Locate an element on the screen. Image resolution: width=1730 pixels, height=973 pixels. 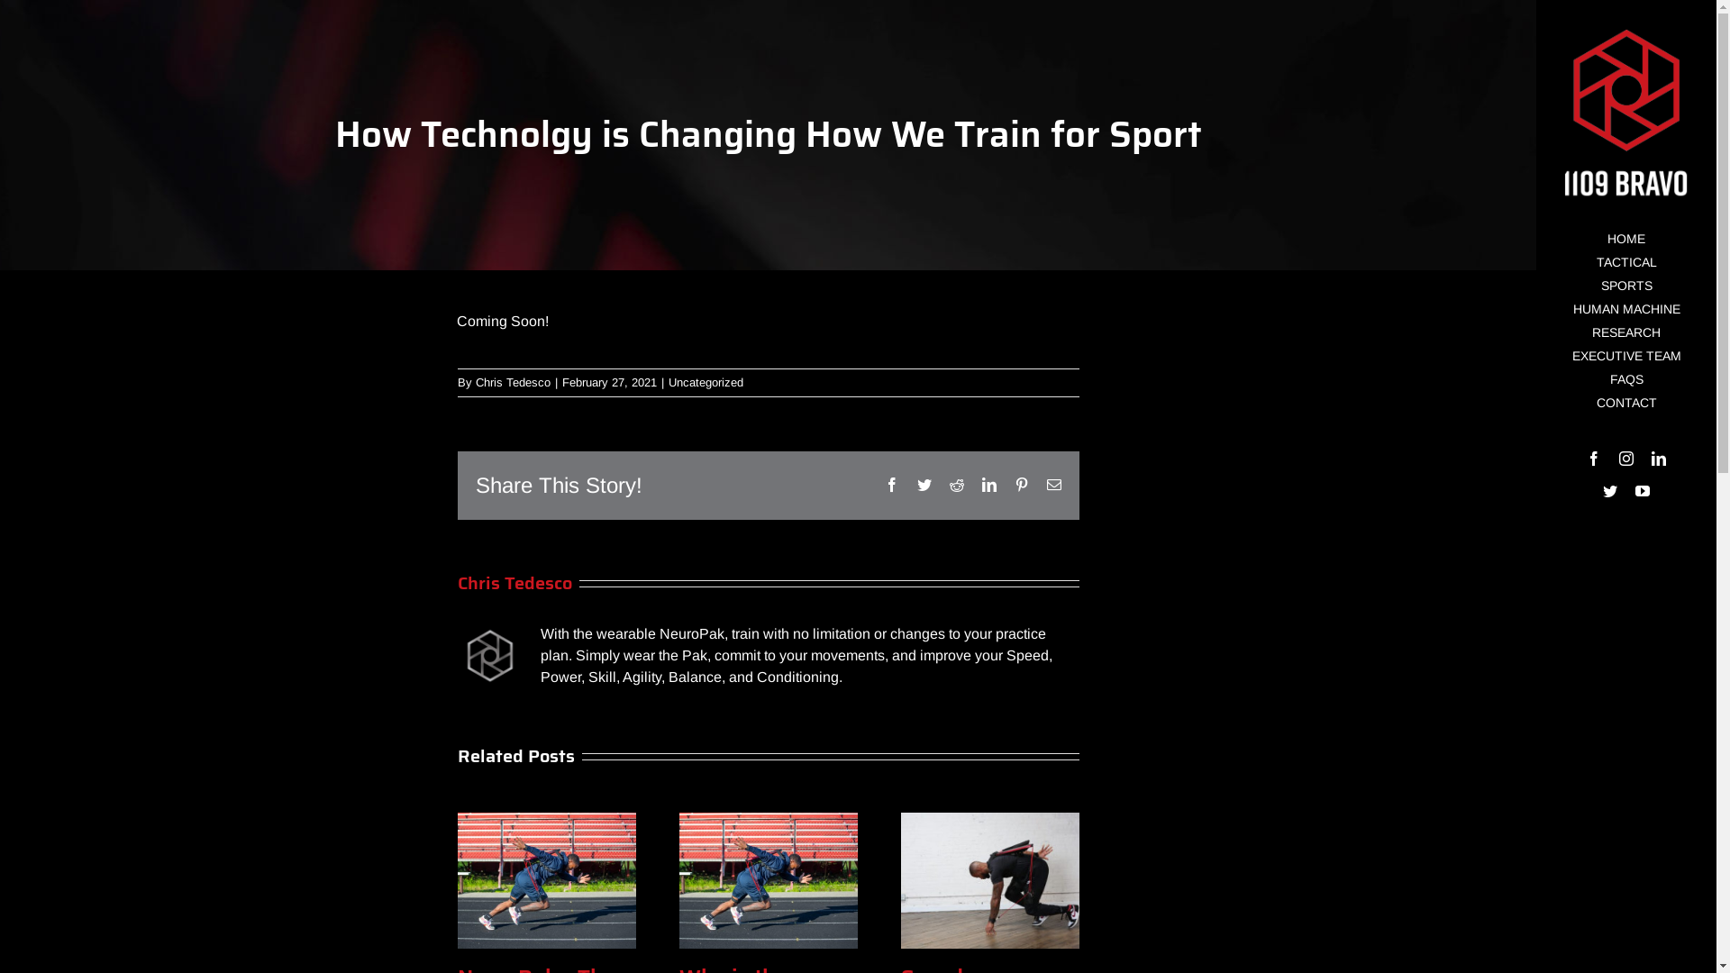
'Facebook' is located at coordinates (1587, 458).